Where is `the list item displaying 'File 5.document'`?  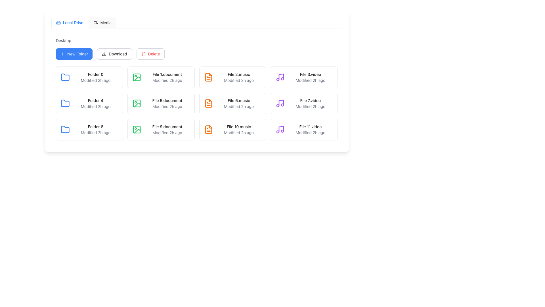 the list item displaying 'File 5.document' is located at coordinates (161, 103).